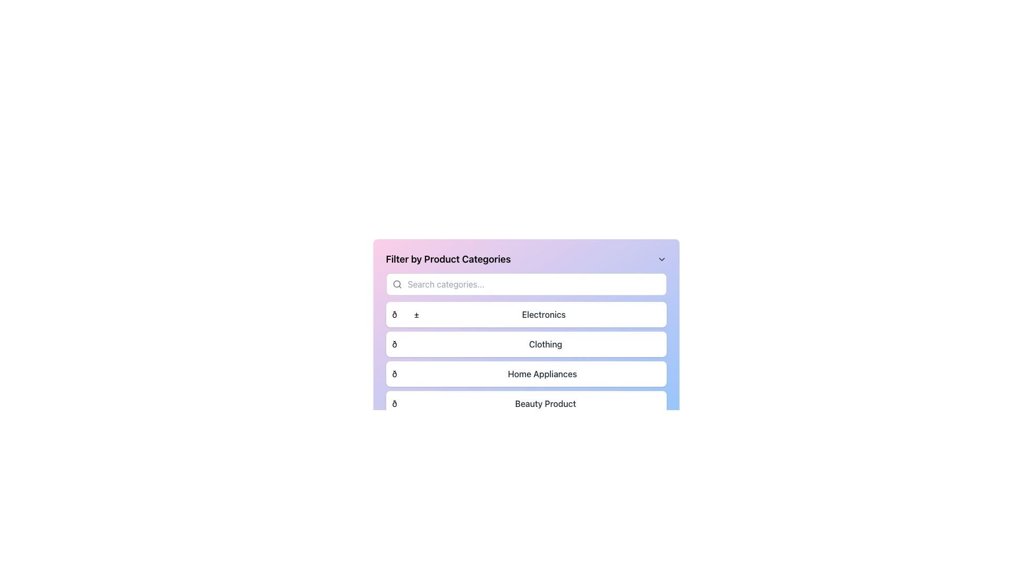 The image size is (1020, 573). Describe the element at coordinates (546, 403) in the screenshot. I see `on the 'Beauty Product' label in the filtering menu` at that location.